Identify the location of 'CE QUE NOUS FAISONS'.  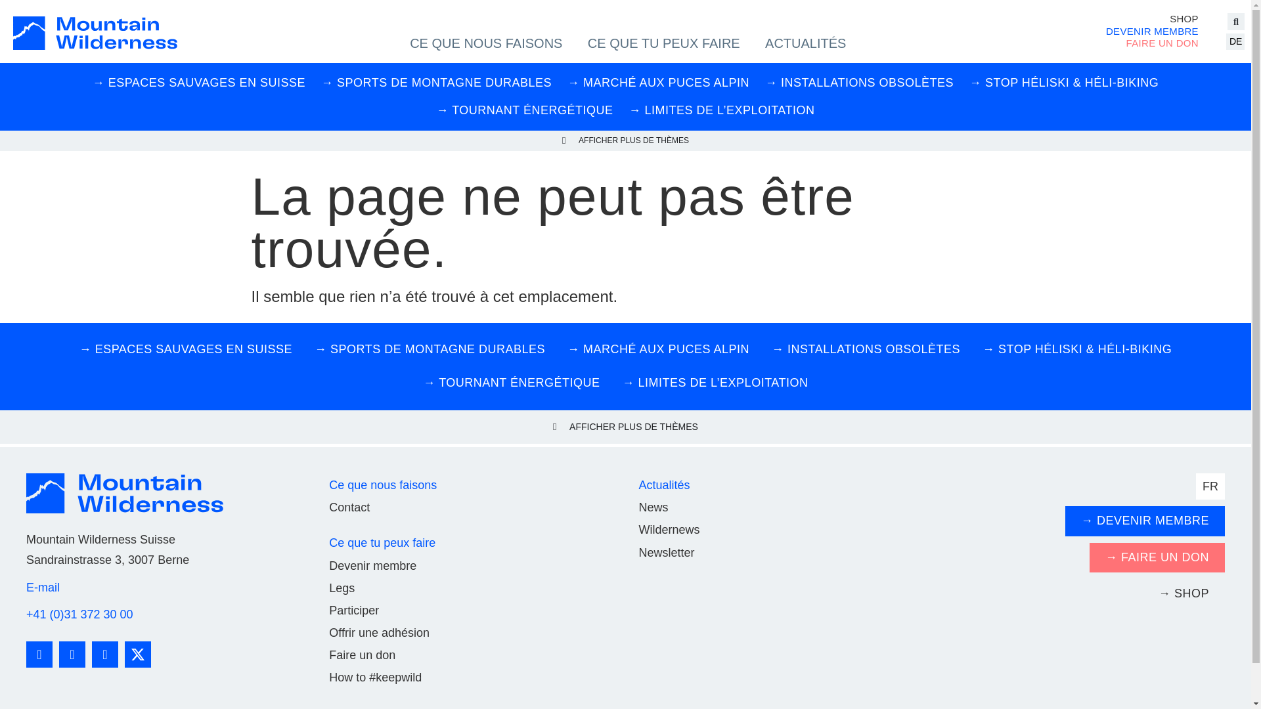
(485, 42).